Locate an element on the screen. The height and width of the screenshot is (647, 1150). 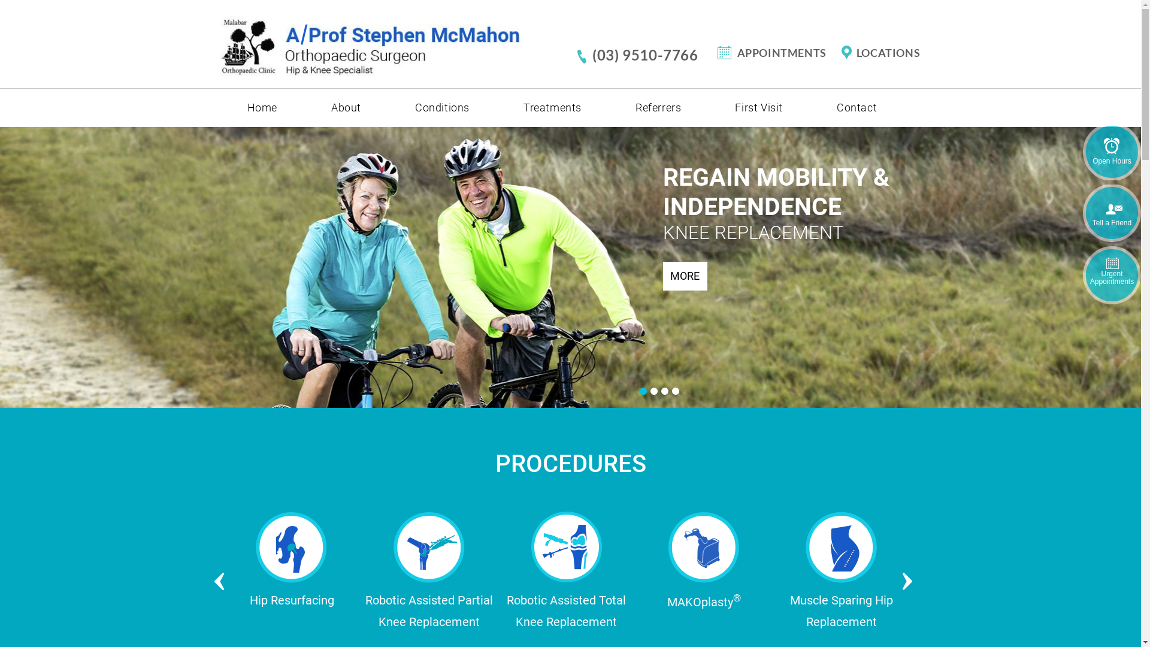
'Treatments' is located at coordinates (552, 108).